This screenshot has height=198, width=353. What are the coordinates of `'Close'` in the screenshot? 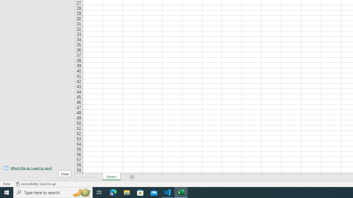 It's located at (65, 174).